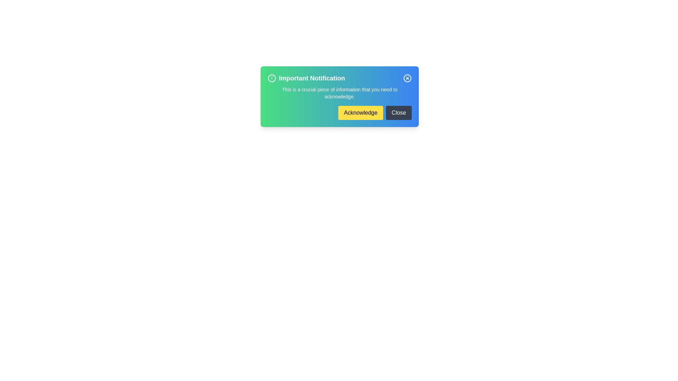  What do you see at coordinates (361, 113) in the screenshot?
I see `the yellow 'Acknowledge' button with rounded corners located on the right side of the notification dialog box to acknowledge` at bounding box center [361, 113].